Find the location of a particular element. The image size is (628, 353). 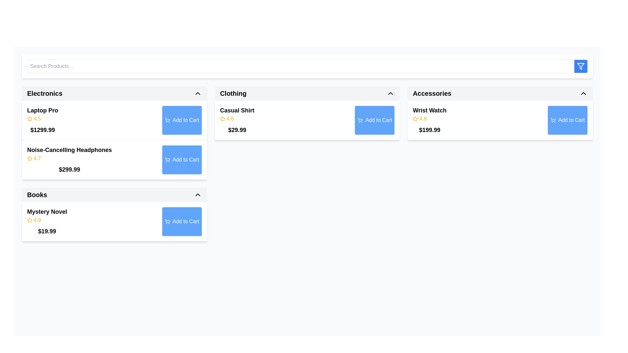

the 'Noise-Cancelling Headphones' text label to initiate a selection action is located at coordinates (69, 150).